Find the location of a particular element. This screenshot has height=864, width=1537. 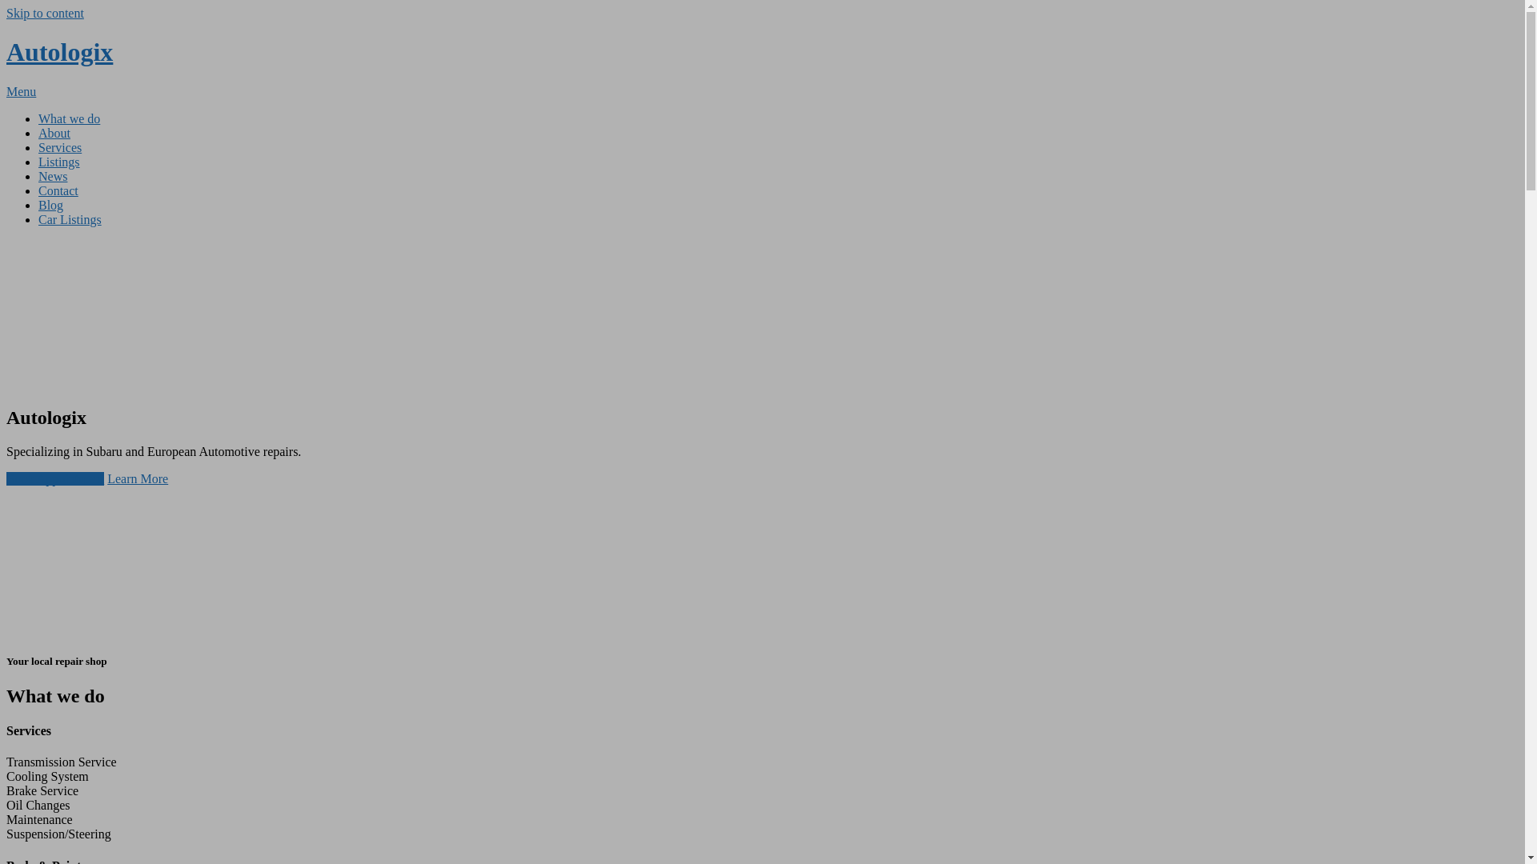

'Services' is located at coordinates (60, 147).